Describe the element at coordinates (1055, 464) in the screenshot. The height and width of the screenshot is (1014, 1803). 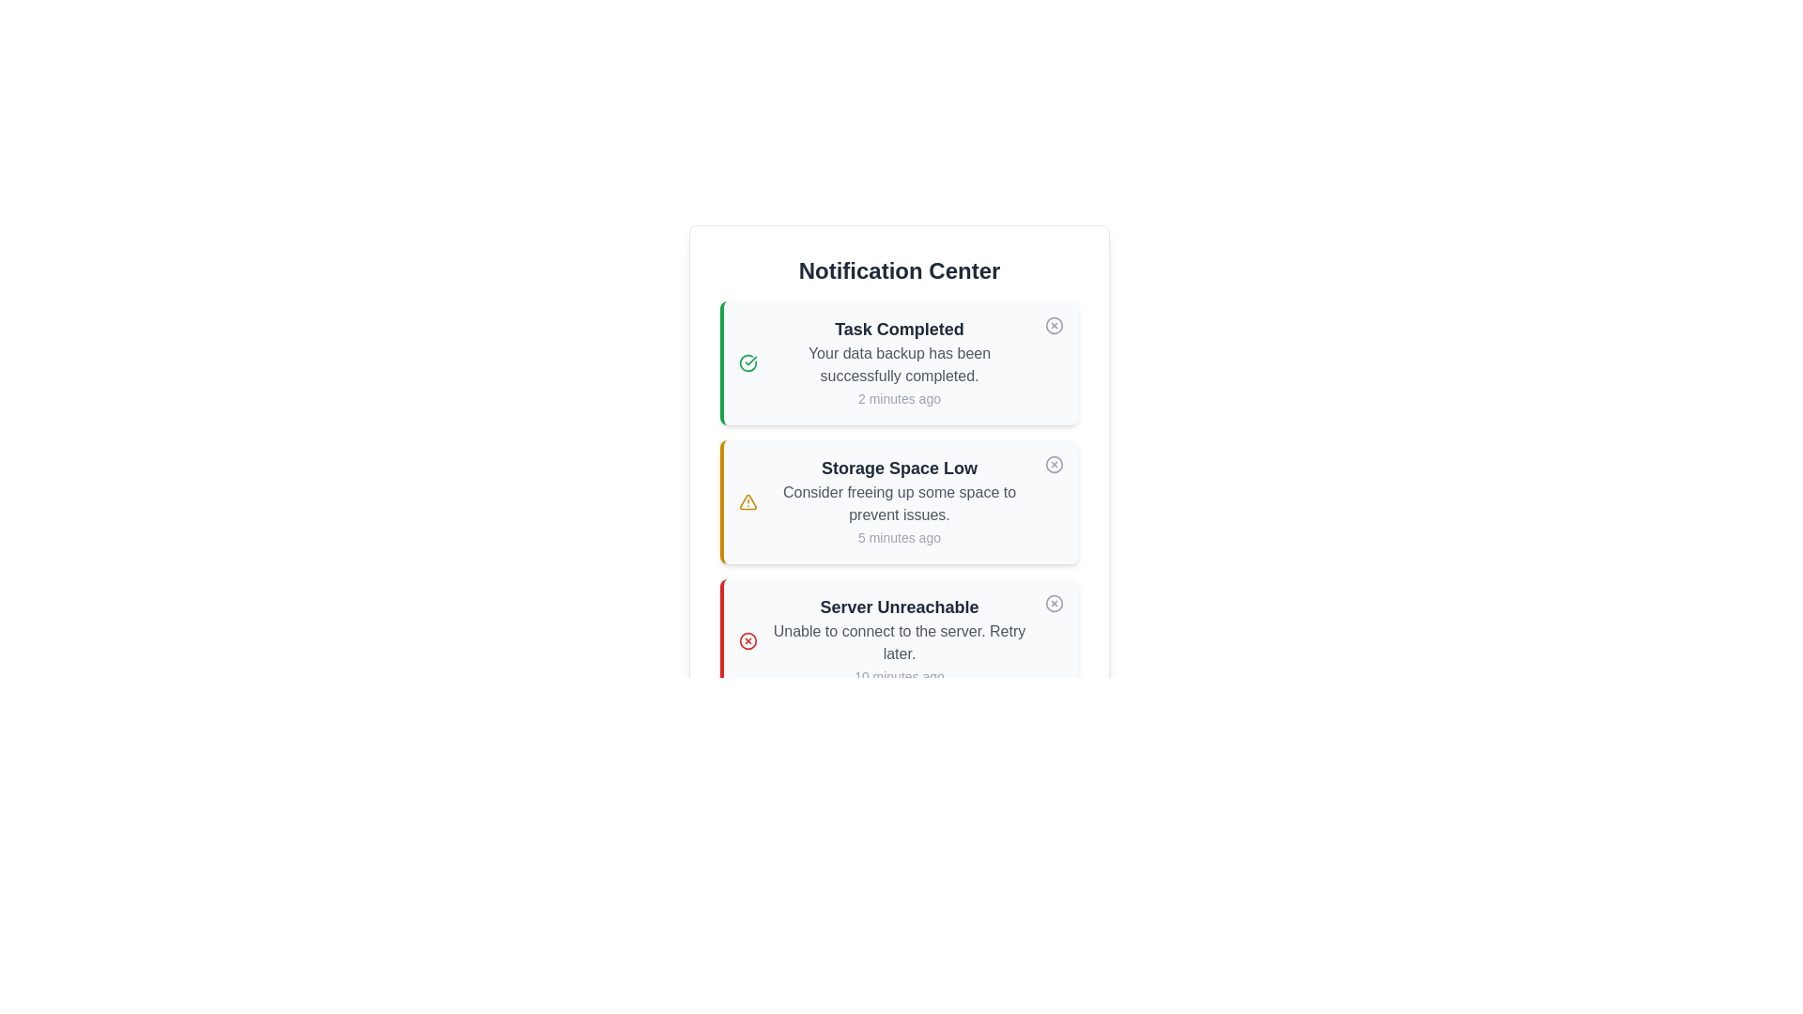
I see `the circular icon representing the 'Storage Space Low' status in the middle notification card of the notification list` at that location.